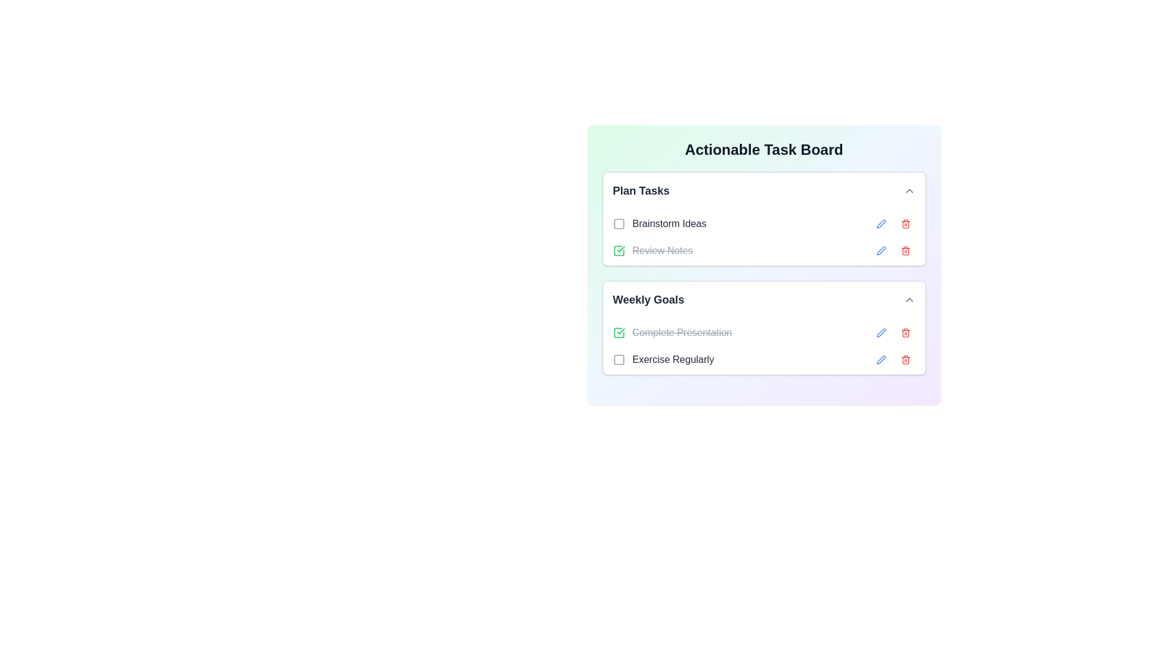 The image size is (1176, 661). I want to click on the pen-shaped icon with a blue outline in the 'Plan Tasks' category, so click(880, 250).